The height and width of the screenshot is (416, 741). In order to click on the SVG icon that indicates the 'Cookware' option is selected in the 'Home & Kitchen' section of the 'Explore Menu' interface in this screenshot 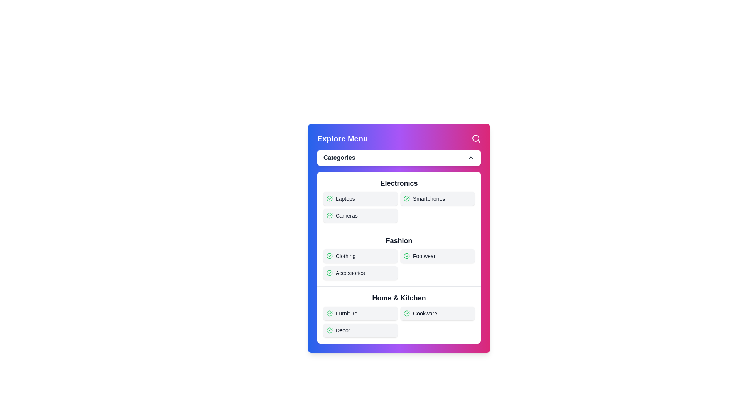, I will do `click(406, 313)`.